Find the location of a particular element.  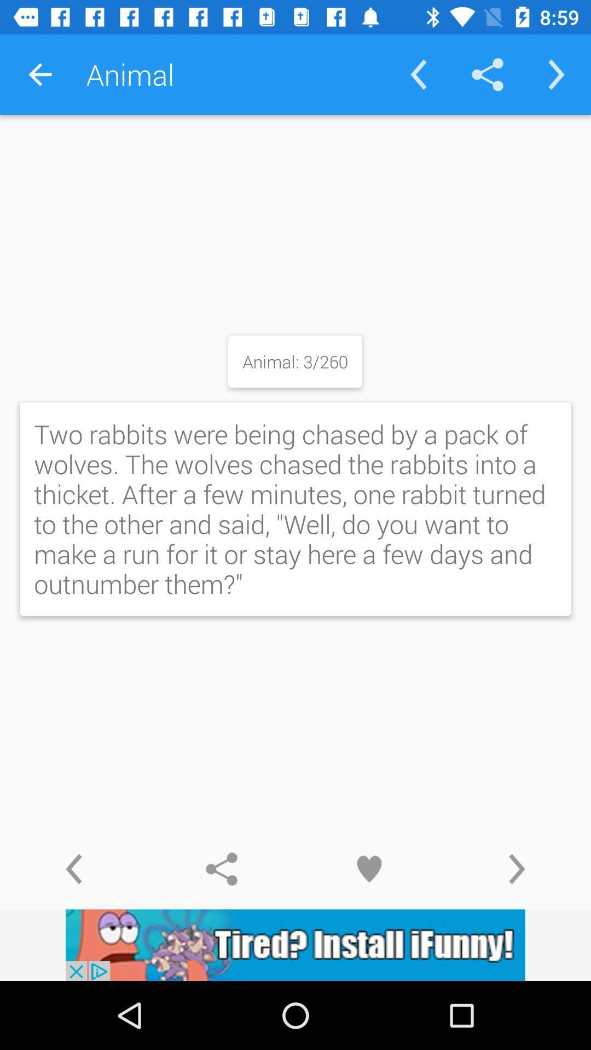

post to social media is located at coordinates (222, 868).